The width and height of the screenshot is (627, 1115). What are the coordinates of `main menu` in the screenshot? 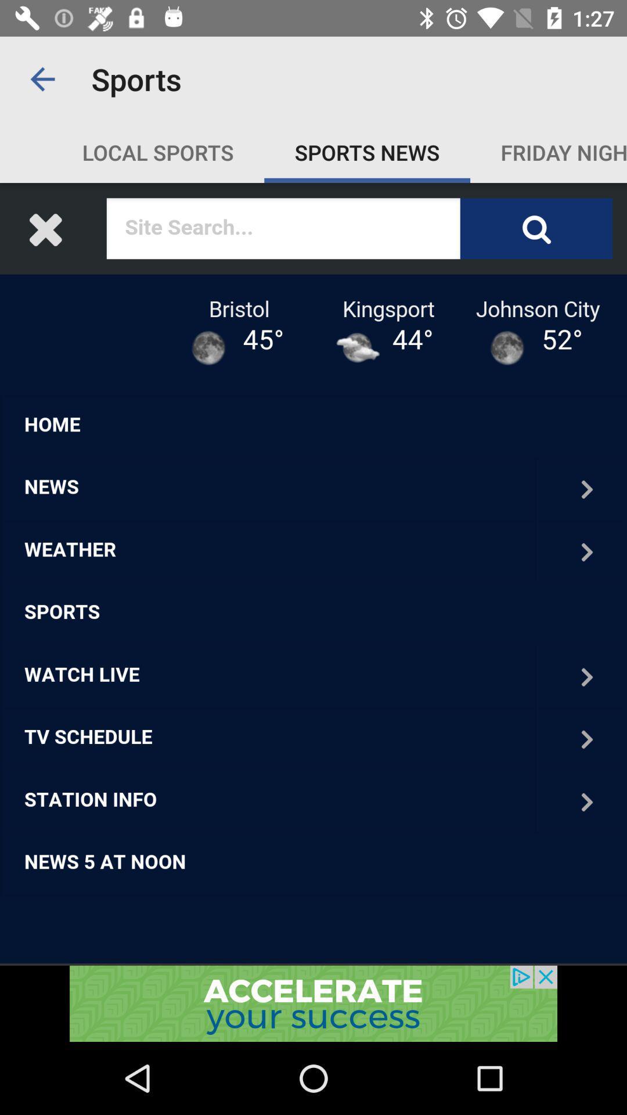 It's located at (313, 574).